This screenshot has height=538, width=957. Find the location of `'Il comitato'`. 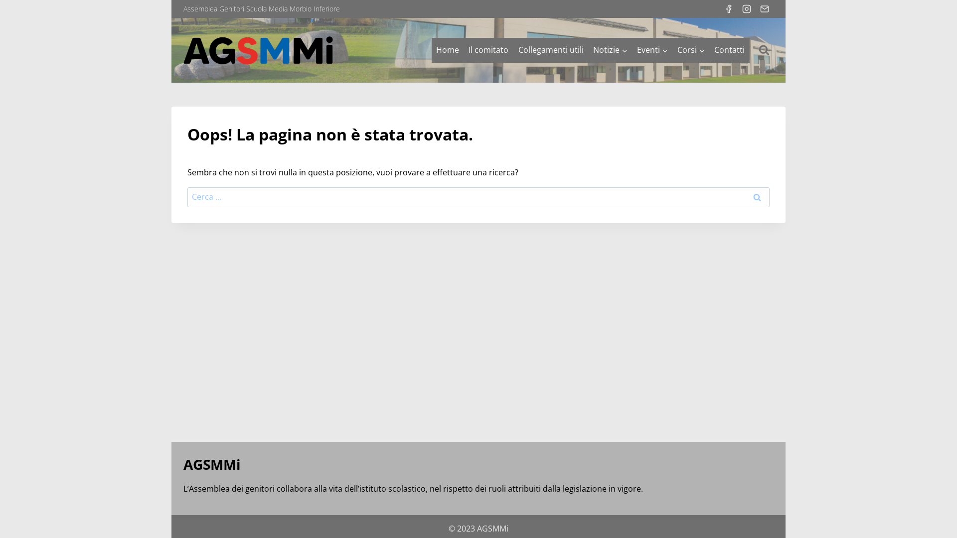

'Il comitato' is located at coordinates (488, 50).